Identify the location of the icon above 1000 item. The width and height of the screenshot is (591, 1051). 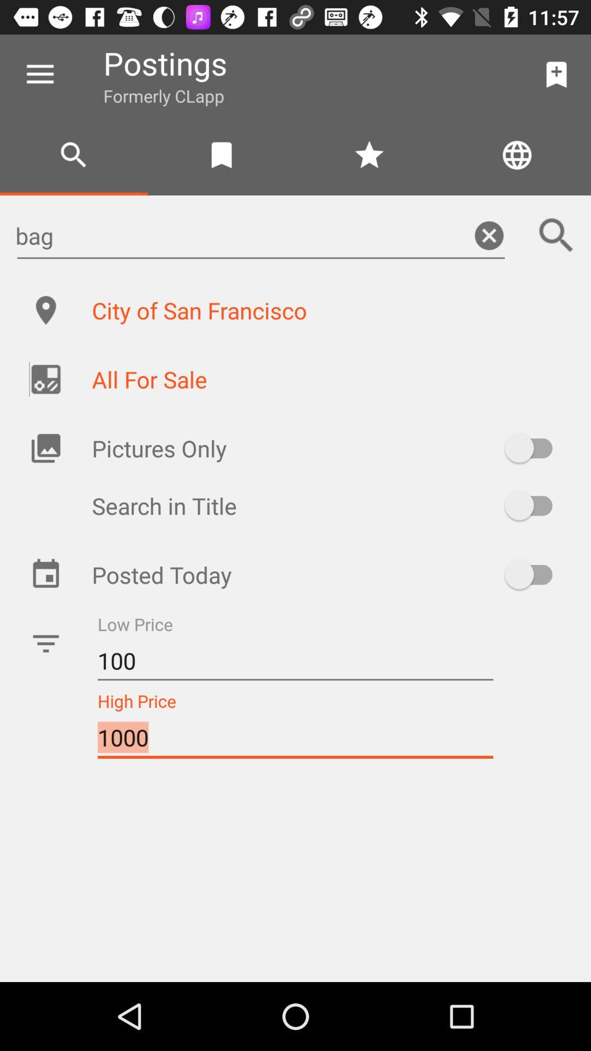
(296, 660).